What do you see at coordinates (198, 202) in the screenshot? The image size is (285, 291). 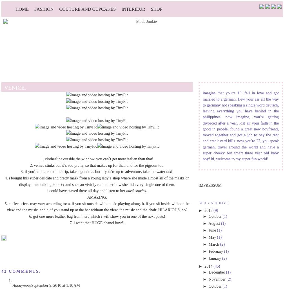 I see `'Blog Archive'` at bounding box center [198, 202].